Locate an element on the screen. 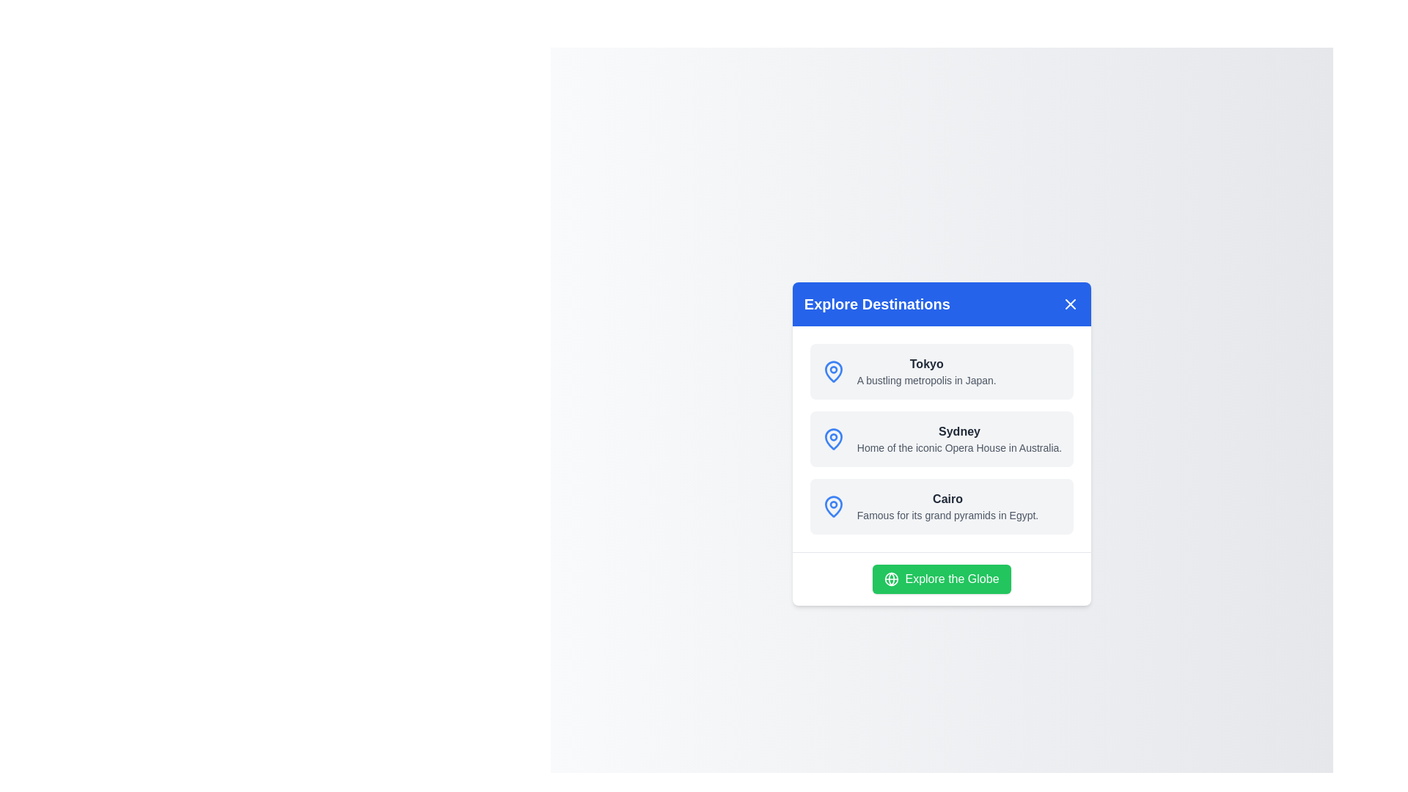 This screenshot has height=792, width=1408. the destination card for Sydney is located at coordinates (942, 438).